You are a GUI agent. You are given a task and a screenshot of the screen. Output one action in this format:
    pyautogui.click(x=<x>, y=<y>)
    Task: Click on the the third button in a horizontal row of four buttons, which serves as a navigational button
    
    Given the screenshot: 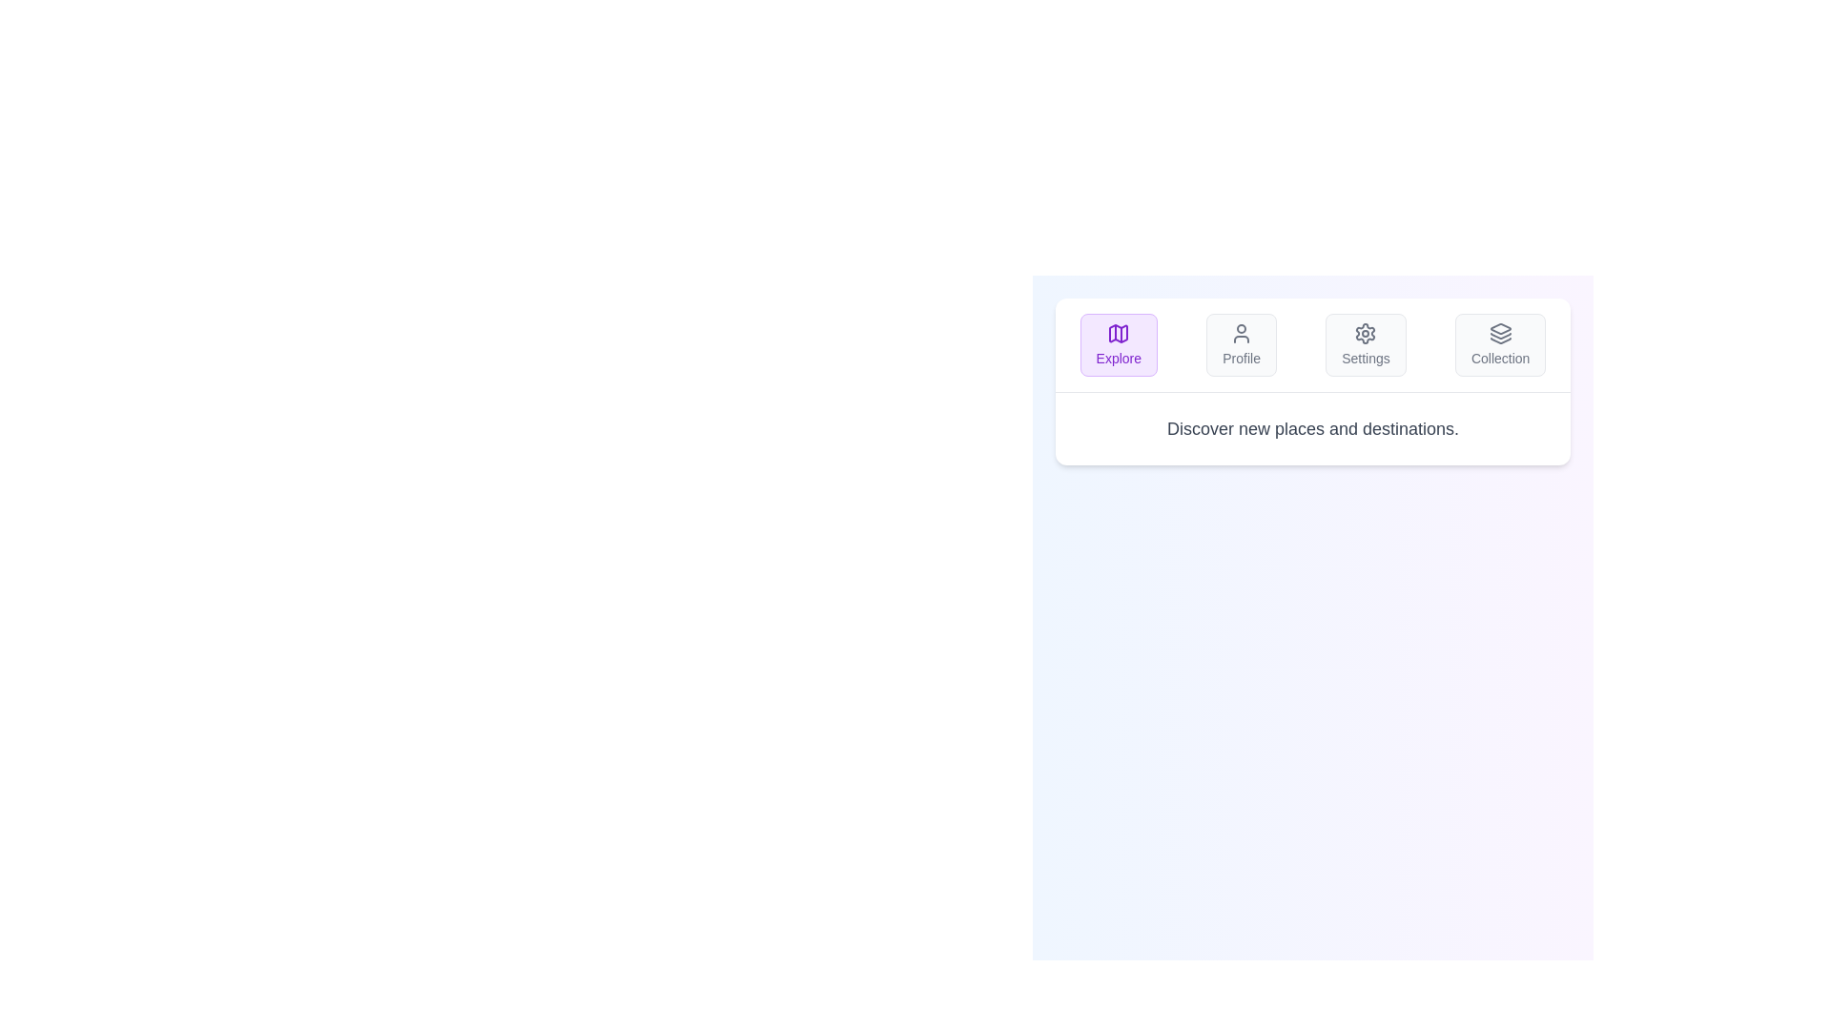 What is the action you would take?
    pyautogui.click(x=1364, y=358)
    